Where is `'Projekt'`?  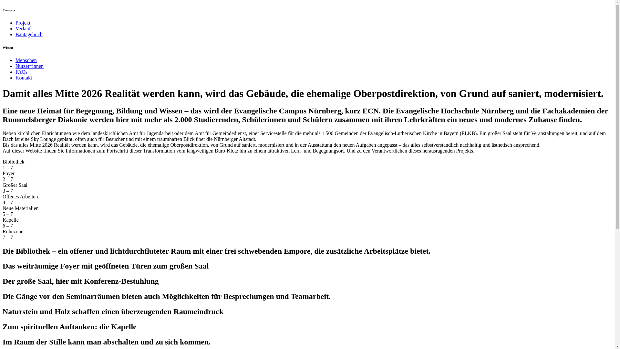
'Projekt' is located at coordinates (23, 22).